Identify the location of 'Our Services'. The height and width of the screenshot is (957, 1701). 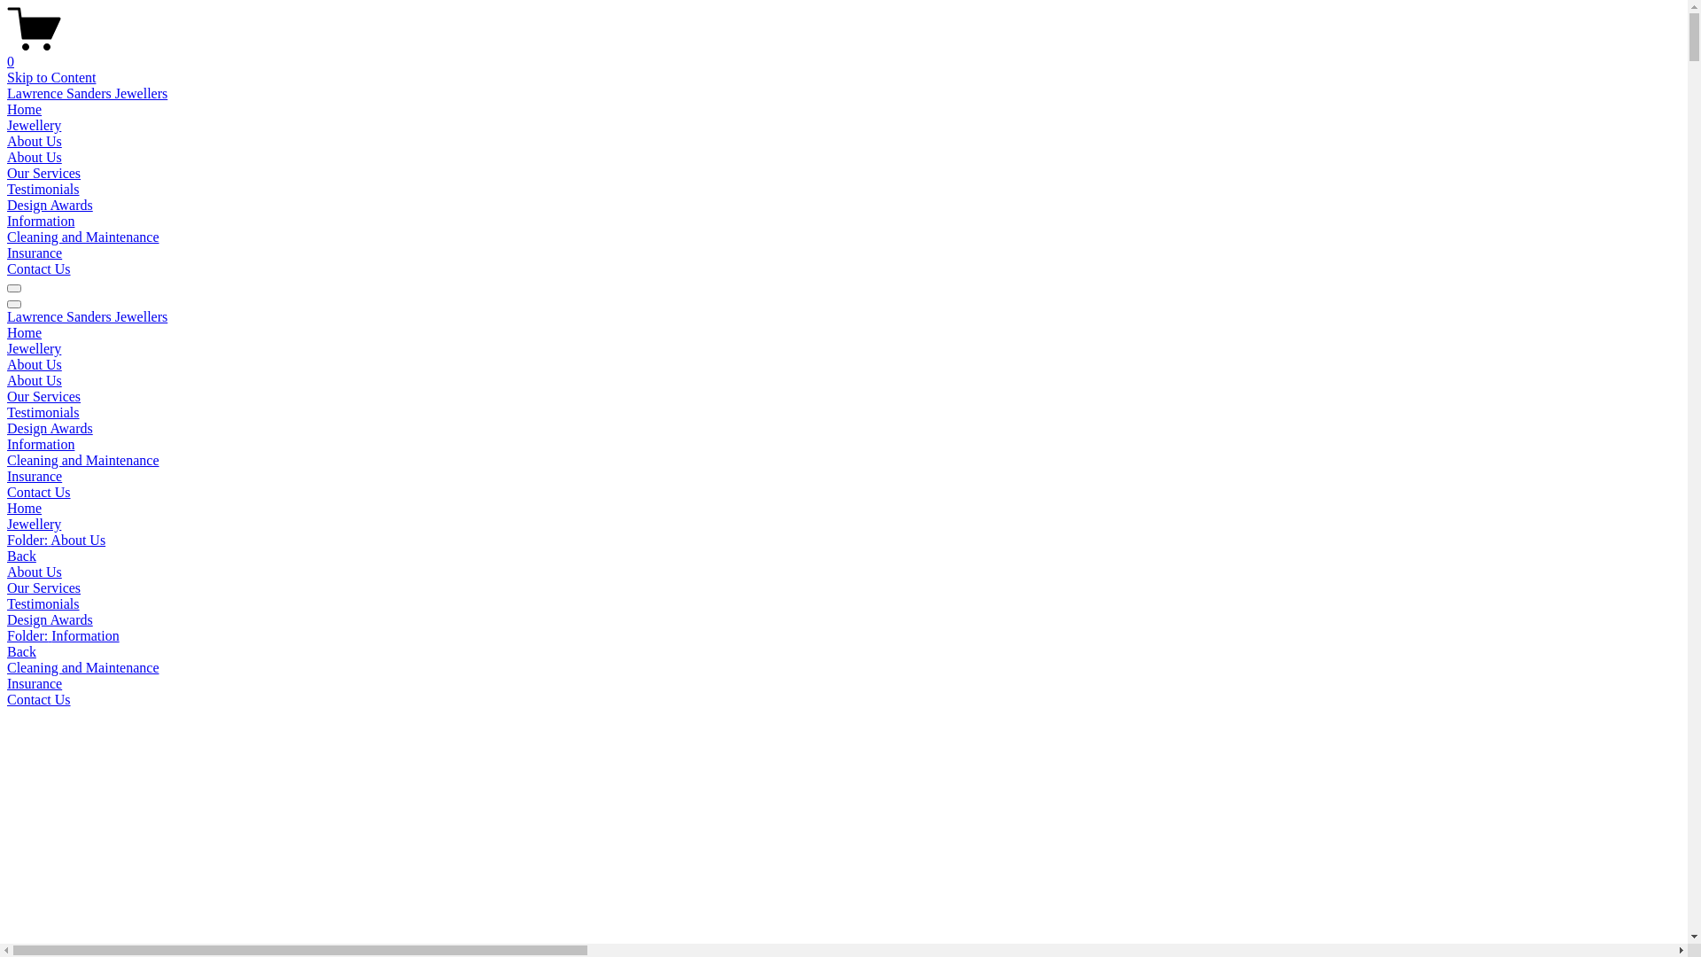
(43, 173).